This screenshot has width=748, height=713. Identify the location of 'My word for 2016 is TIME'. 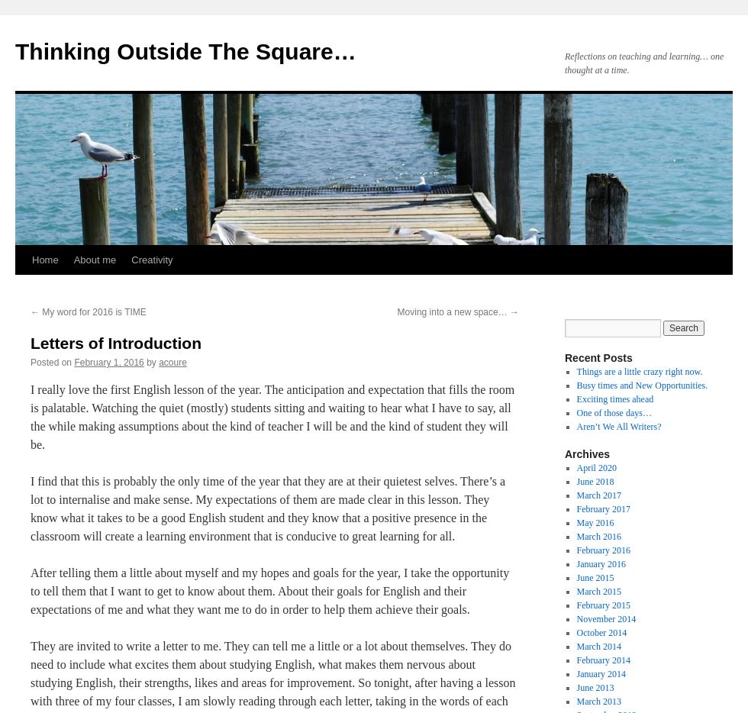
(92, 311).